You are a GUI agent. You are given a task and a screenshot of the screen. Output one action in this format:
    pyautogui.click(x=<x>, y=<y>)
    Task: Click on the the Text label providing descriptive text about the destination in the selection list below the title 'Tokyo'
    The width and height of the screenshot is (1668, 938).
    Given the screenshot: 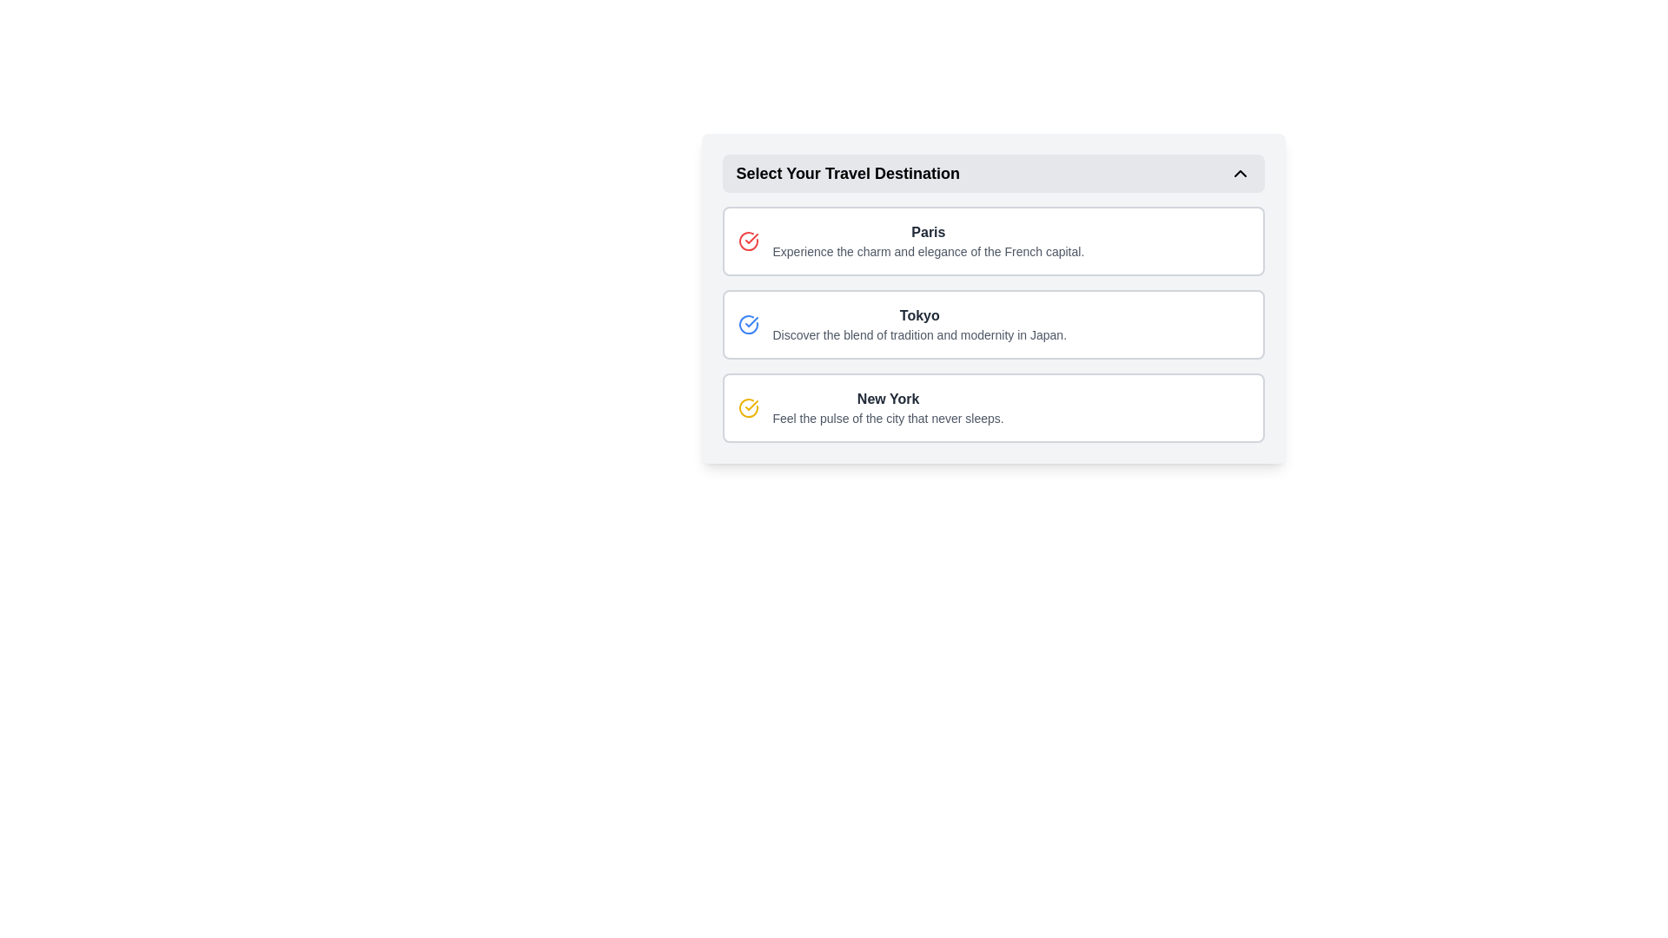 What is the action you would take?
    pyautogui.click(x=918, y=334)
    